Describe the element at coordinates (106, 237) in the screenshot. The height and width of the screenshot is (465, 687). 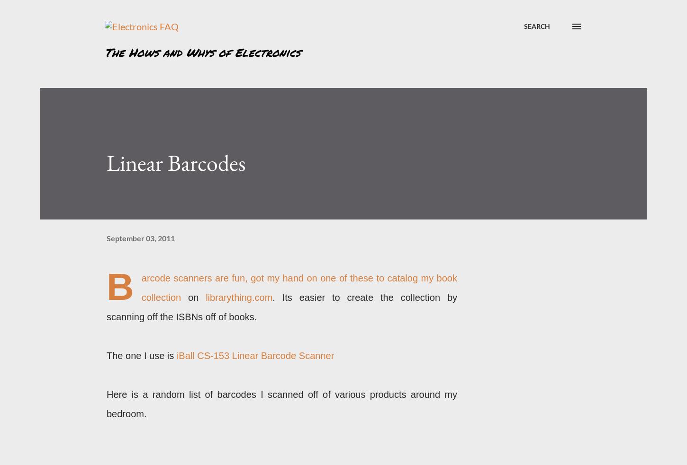
I see `'September 03, 2011'` at that location.